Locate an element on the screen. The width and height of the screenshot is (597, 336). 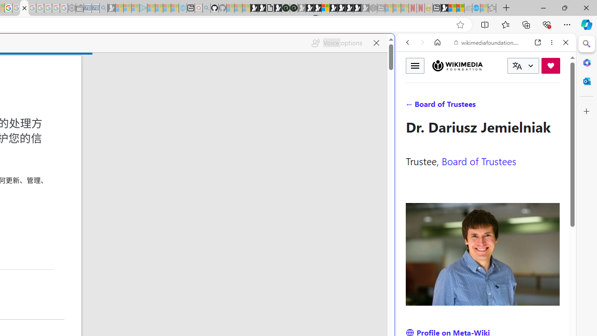
'Wikimedia Foundation' is located at coordinates (458, 65).